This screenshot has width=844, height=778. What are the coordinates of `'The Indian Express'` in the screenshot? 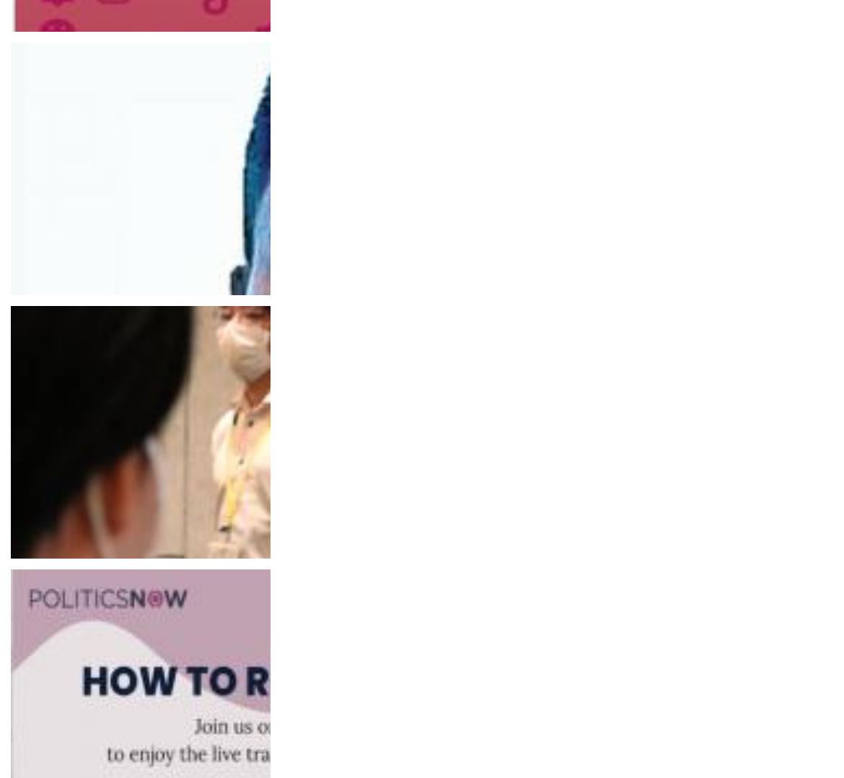 It's located at (62, 587).